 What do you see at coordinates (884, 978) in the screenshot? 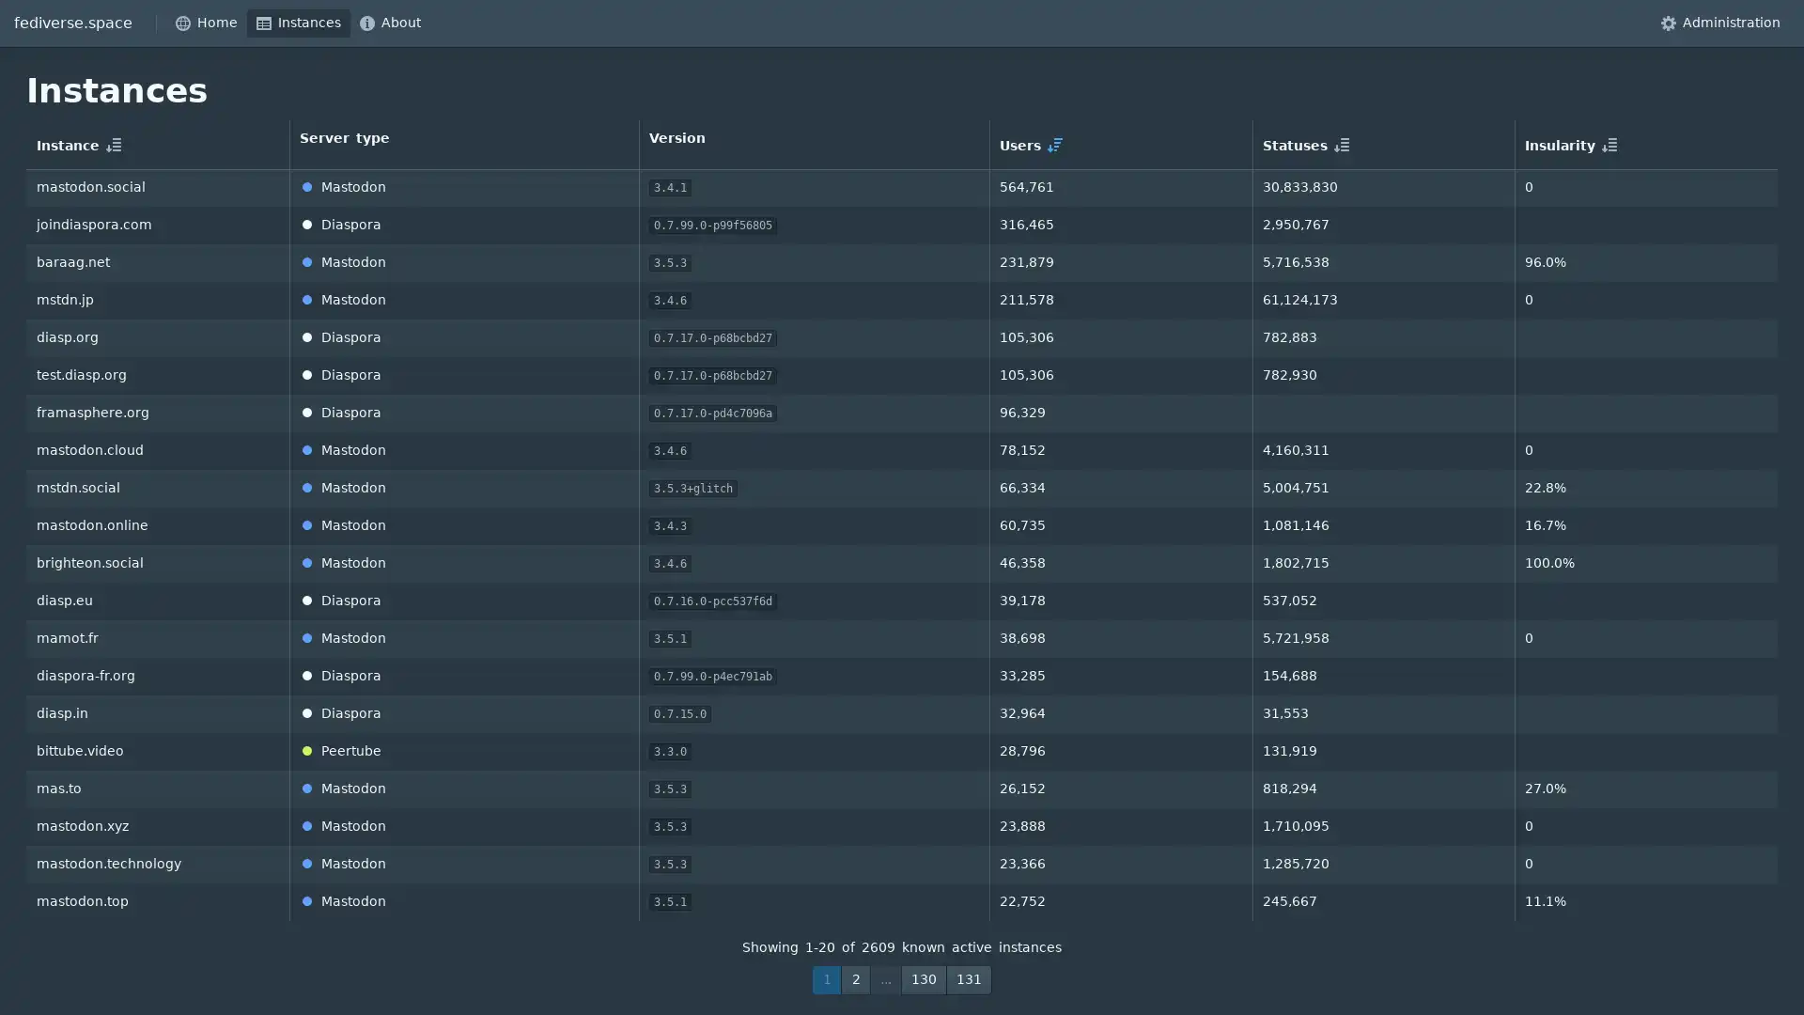
I see `...` at bounding box center [884, 978].